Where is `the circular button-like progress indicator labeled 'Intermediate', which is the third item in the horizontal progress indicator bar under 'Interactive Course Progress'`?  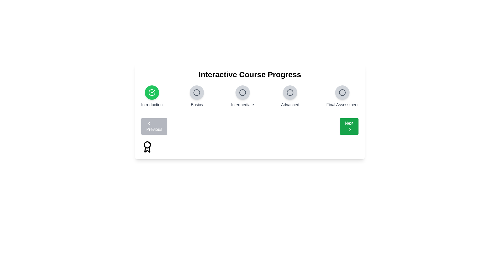 the circular button-like progress indicator labeled 'Intermediate', which is the third item in the horizontal progress indicator bar under 'Interactive Course Progress' is located at coordinates (242, 97).